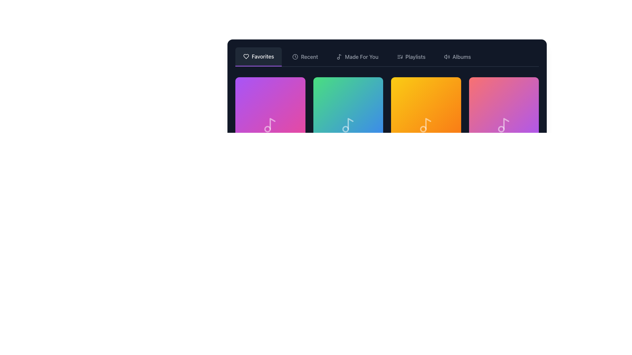  What do you see at coordinates (521, 87) in the screenshot?
I see `the interactive group containing buttons located at the top-right corner of the music playlist card, characterized by its gradient background transitioning from pink to purple` at bounding box center [521, 87].